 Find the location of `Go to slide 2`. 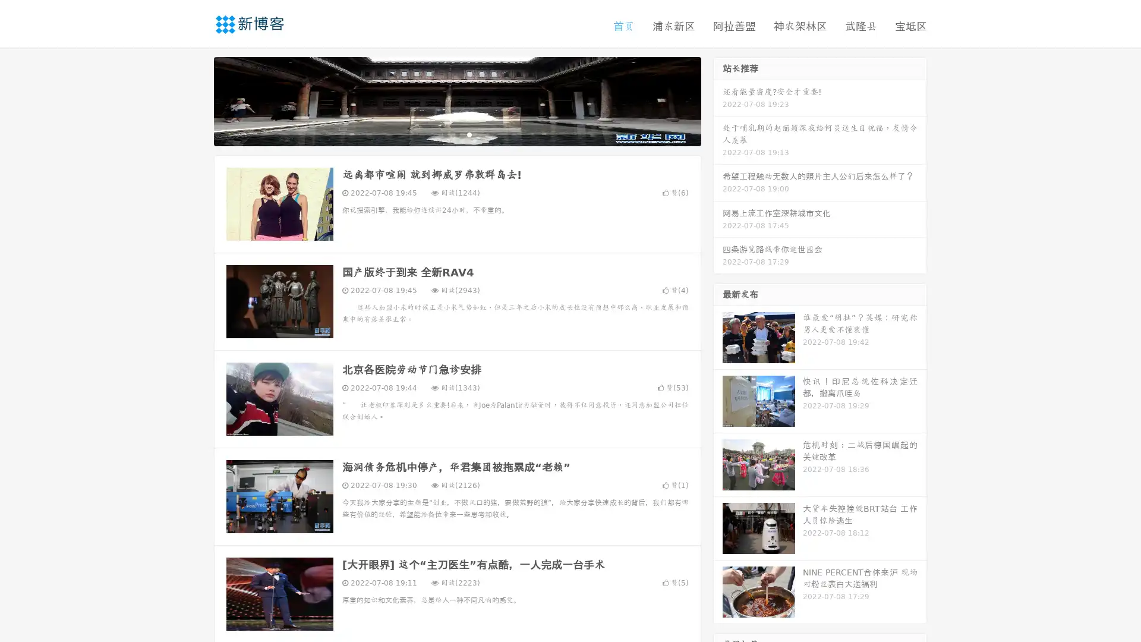

Go to slide 2 is located at coordinates (456, 134).